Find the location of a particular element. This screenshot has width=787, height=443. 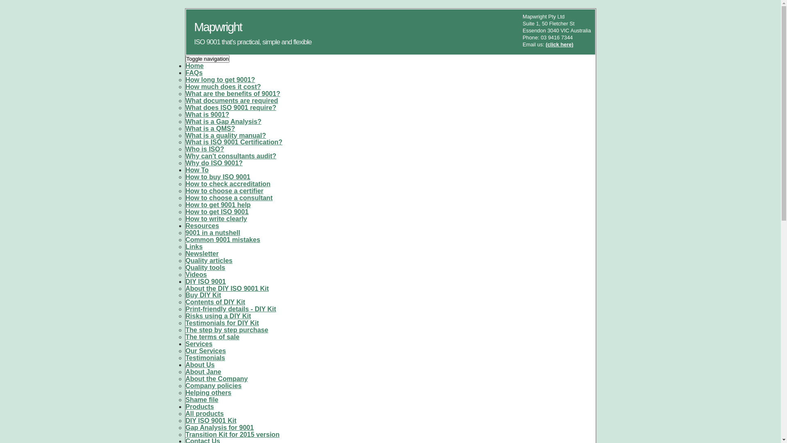

'Helping others' is located at coordinates (208, 392).